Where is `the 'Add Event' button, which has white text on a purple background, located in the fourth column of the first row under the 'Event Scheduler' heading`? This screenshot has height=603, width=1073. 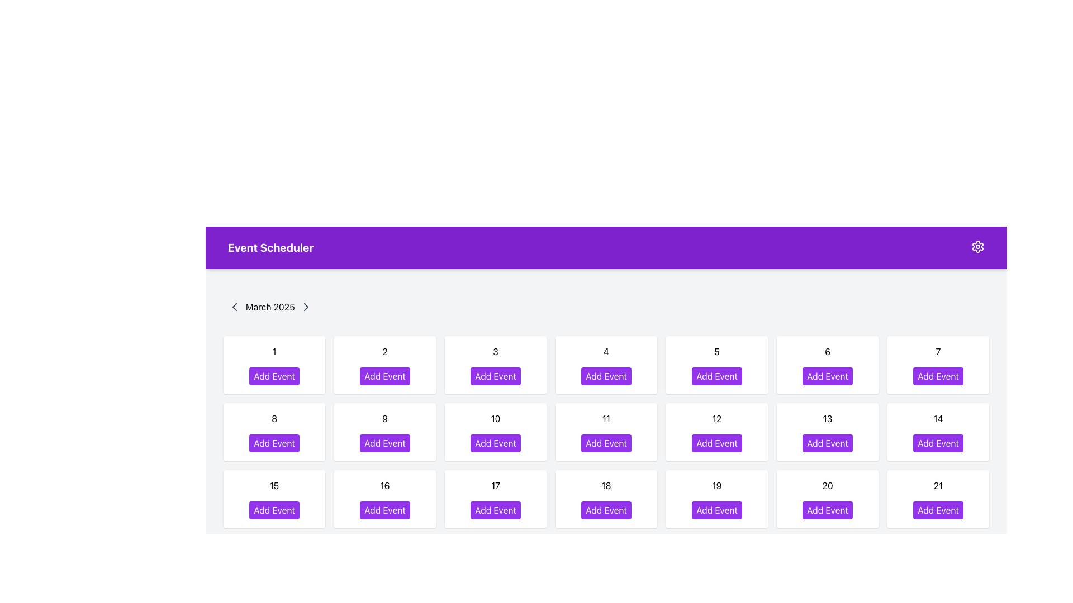
the 'Add Event' button, which has white text on a purple background, located in the fourth column of the first row under the 'Event Scheduler' heading is located at coordinates (605, 376).